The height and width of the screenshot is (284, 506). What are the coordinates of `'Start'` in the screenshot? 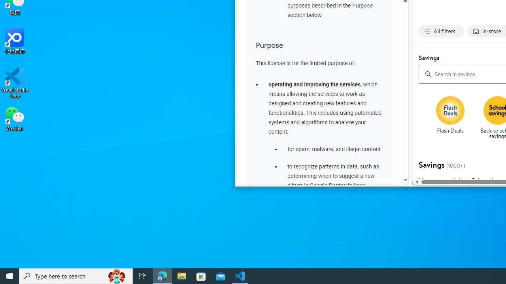 It's located at (9, 275).